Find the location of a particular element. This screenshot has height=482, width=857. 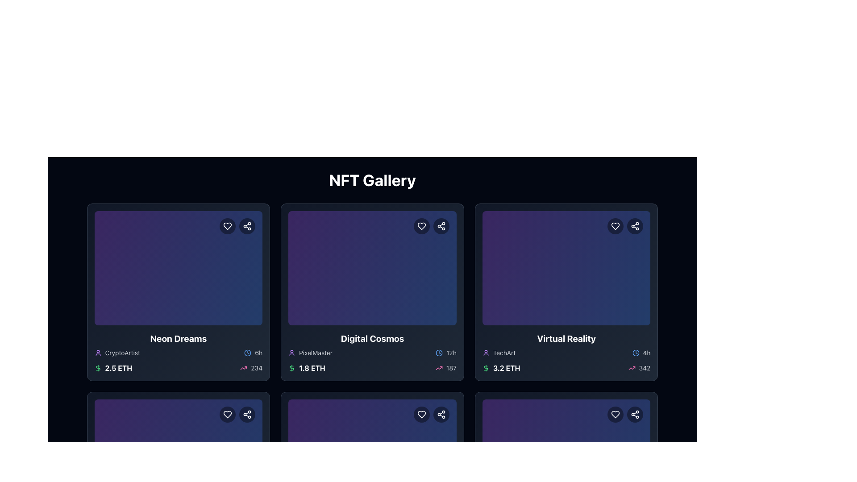

the heart-shaped icon in the top-right corner of the first NFT card to like the NFT is located at coordinates (228, 225).